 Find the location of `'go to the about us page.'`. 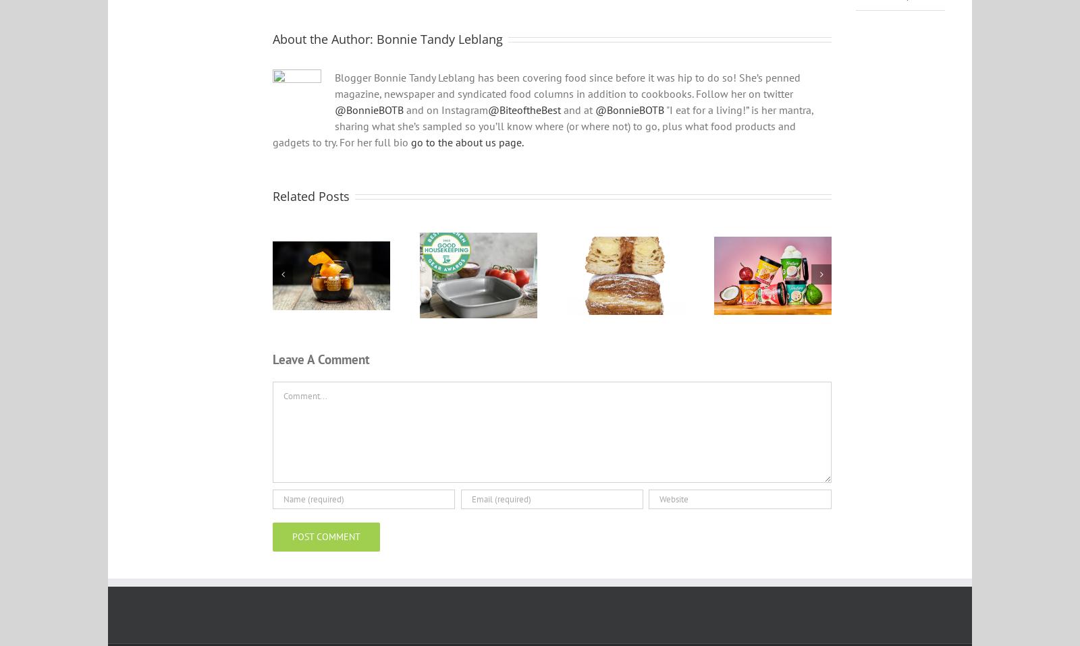

'go to the about us page.' is located at coordinates (467, 150).